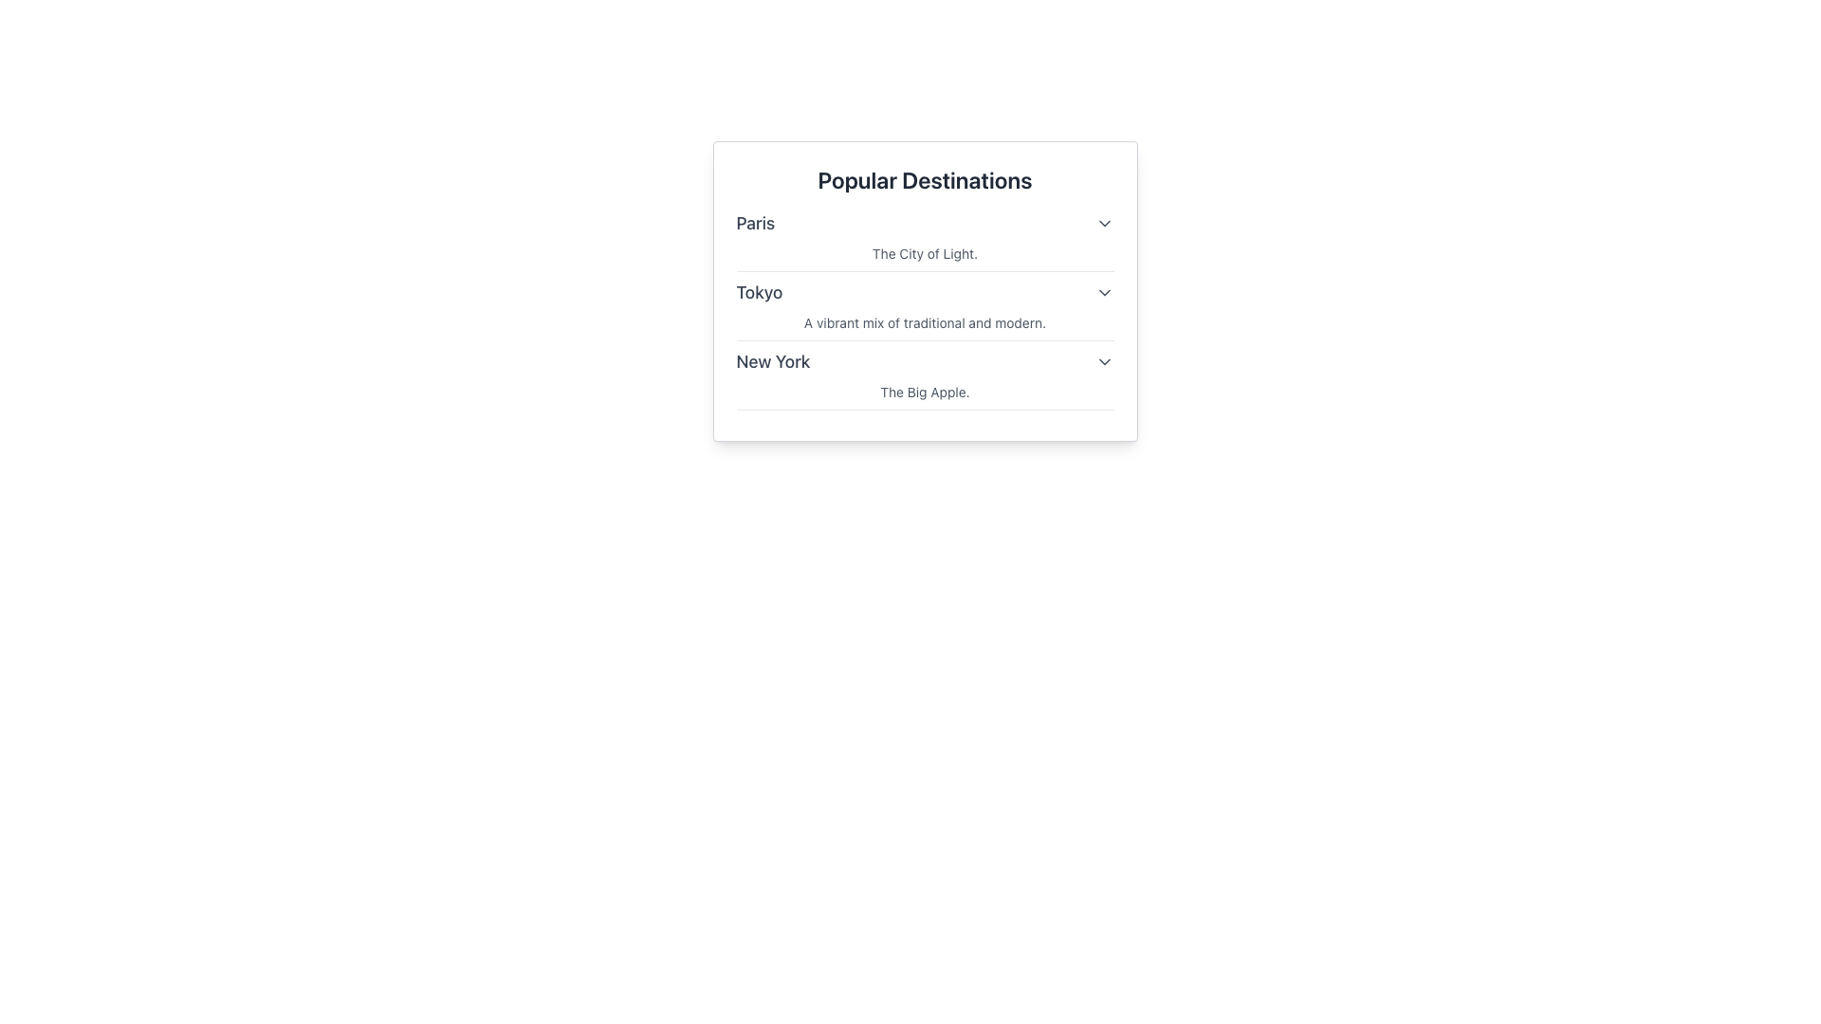  What do you see at coordinates (1104, 361) in the screenshot?
I see `the chevron-down indicator located on the far-right side of the 'New York' text label in the third row of the 'Popular Destinations' dropdown` at bounding box center [1104, 361].